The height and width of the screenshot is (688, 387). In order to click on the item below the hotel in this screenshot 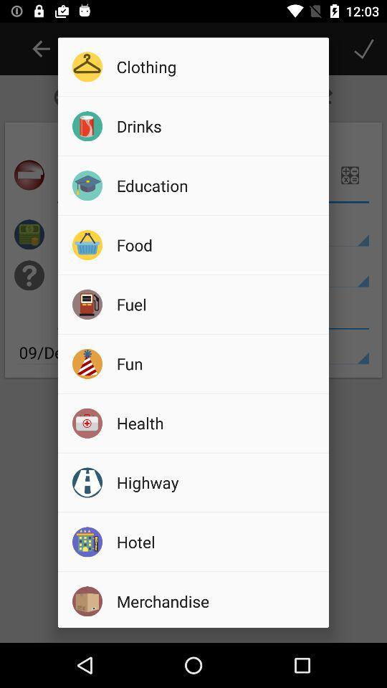, I will do `click(217, 601)`.